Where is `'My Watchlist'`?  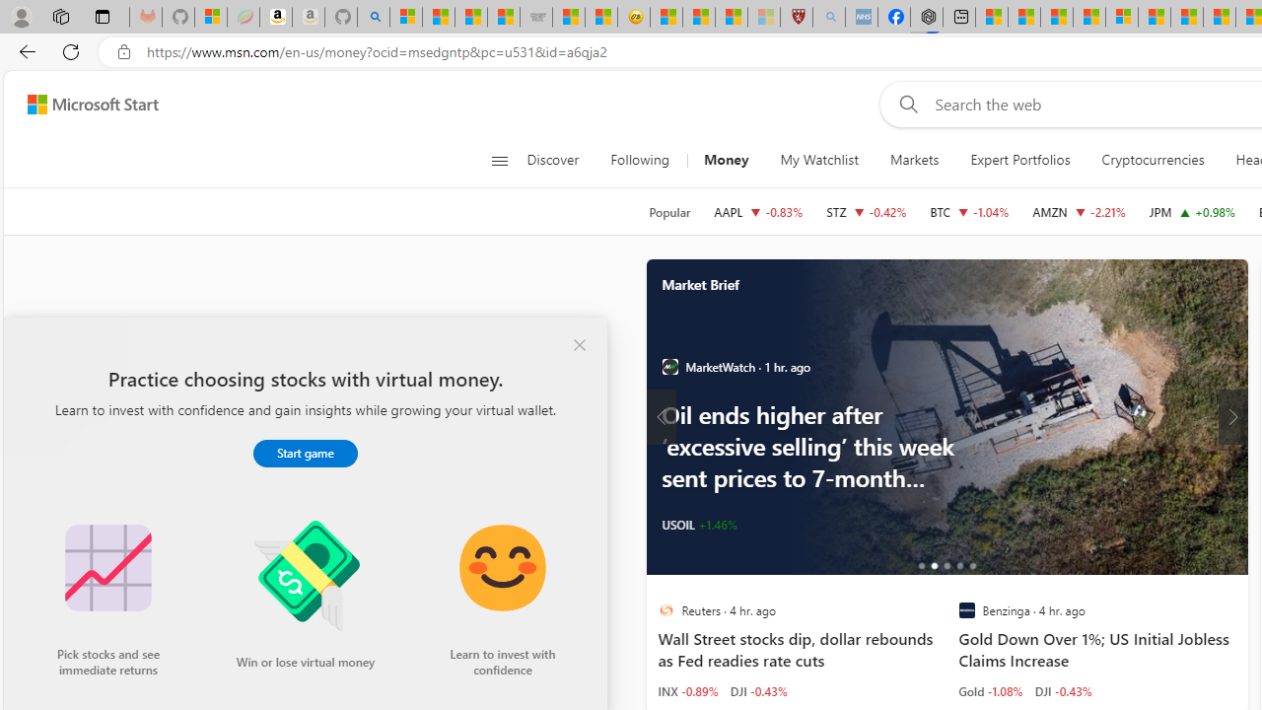 'My Watchlist' is located at coordinates (818, 160).